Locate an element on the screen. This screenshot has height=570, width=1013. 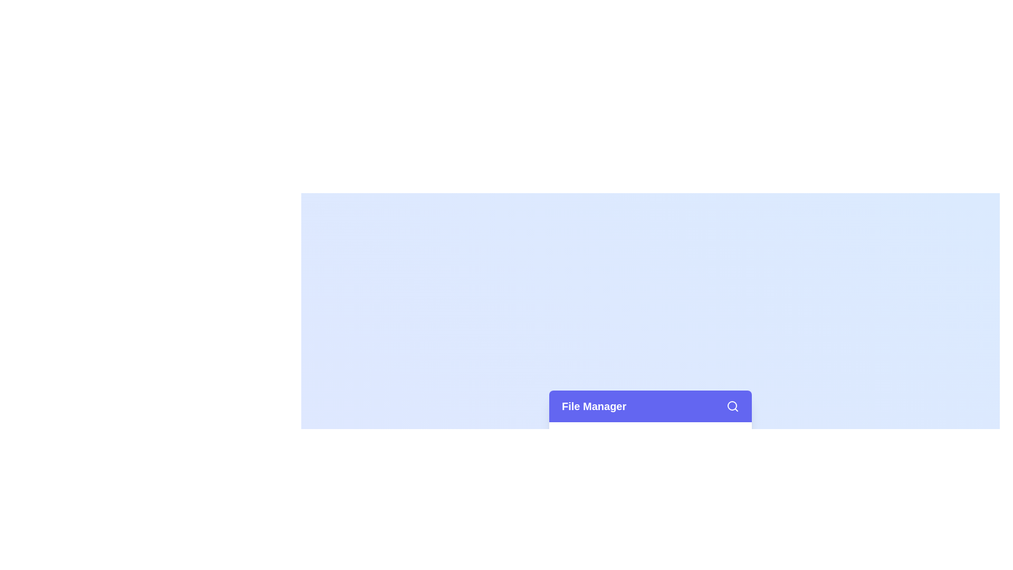
the search icon to initiate a search is located at coordinates (732, 406).